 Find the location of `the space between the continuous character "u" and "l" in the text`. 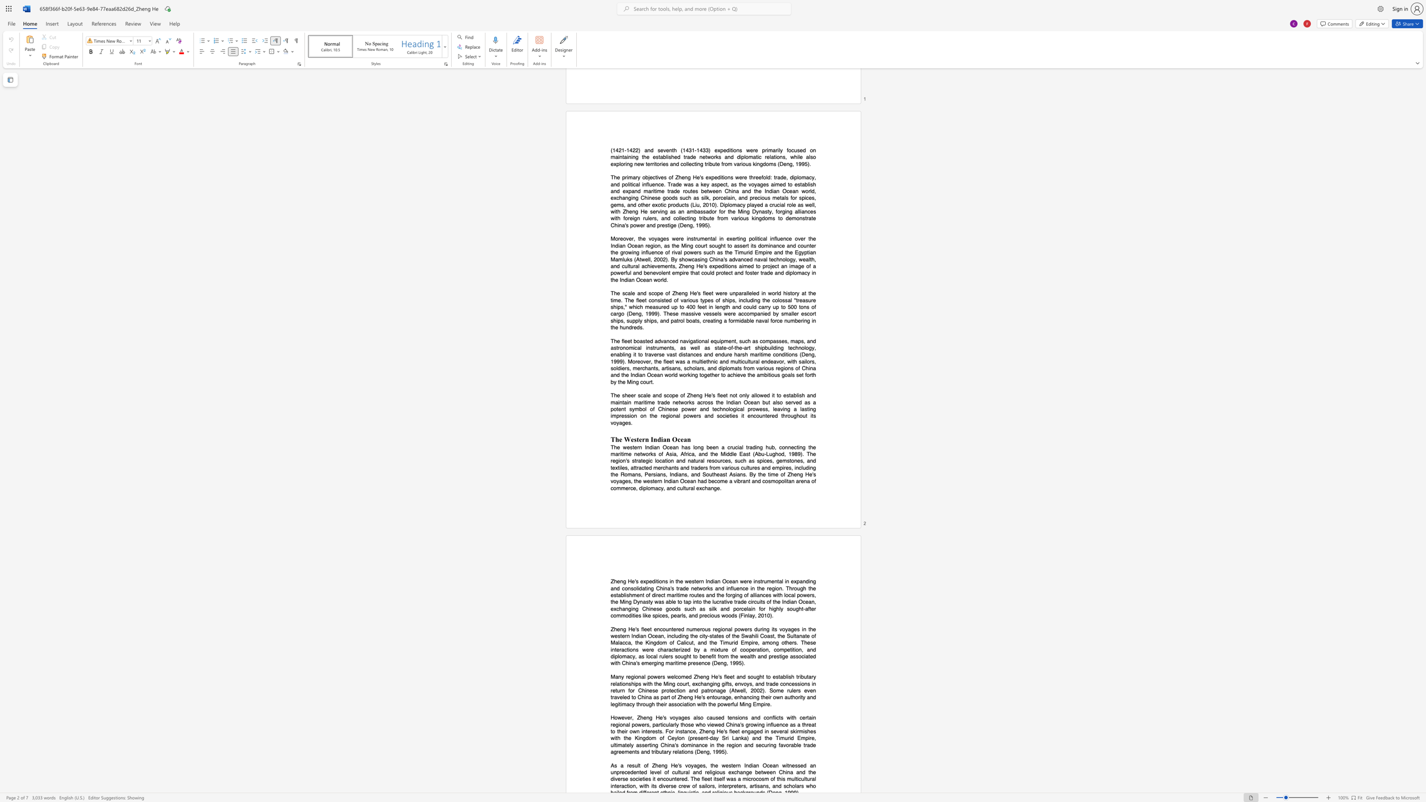

the space between the continuous character "u" and "l" in the text is located at coordinates (637, 765).